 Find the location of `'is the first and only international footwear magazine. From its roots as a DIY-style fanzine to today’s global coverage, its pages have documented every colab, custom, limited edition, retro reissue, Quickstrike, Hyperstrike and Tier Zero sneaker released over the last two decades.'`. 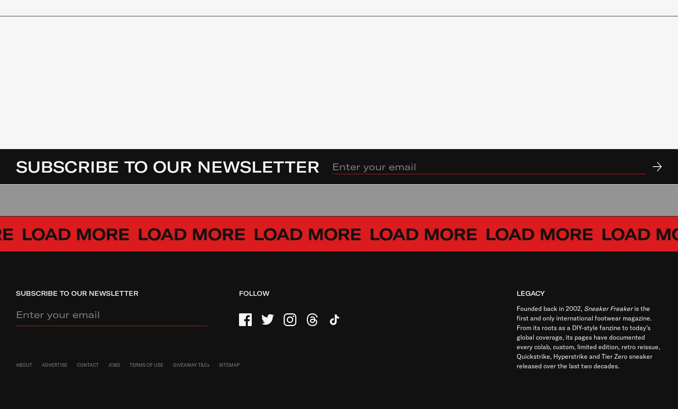

'is the first and only international footwear magazine. From its roots as a DIY-style fanzine to today’s global coverage, its pages have documented every colab, custom, limited edition, retro reissue, Quickstrike, Hyperstrike and Tier Zero sneaker released over the last two decades.' is located at coordinates (516, 337).